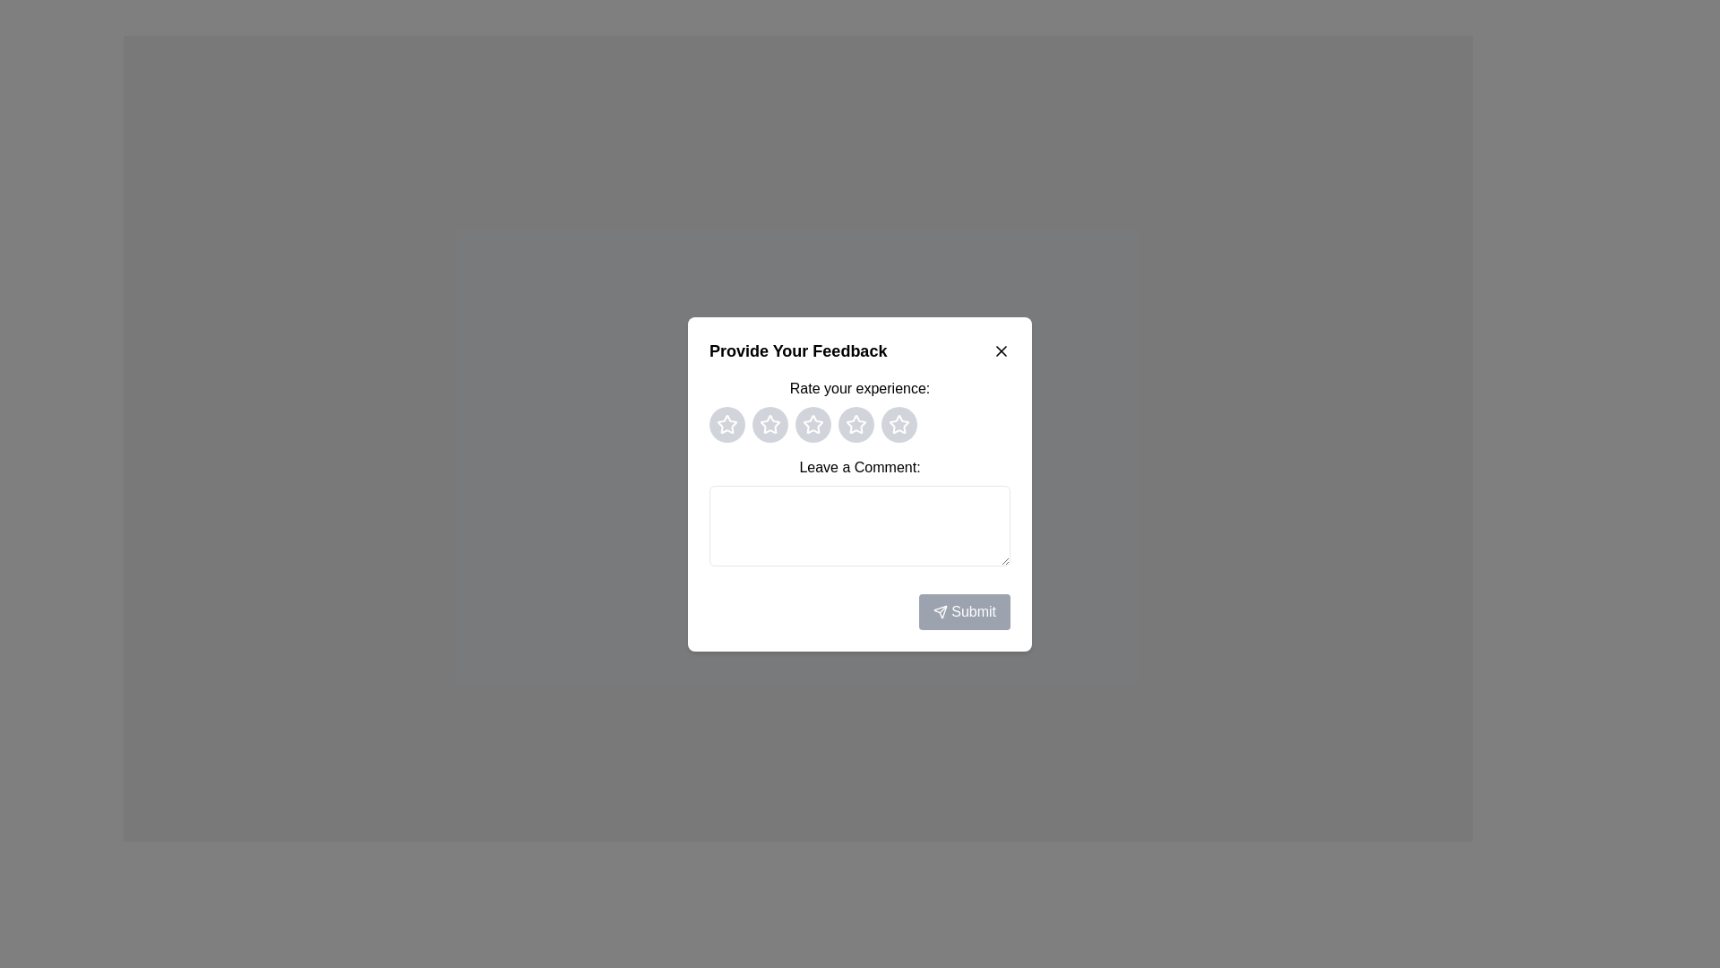 This screenshot has width=1720, height=968. Describe the element at coordinates (899, 424) in the screenshot. I see `the circular five-star rating button with a light gray background and a white star icon at its center` at that location.